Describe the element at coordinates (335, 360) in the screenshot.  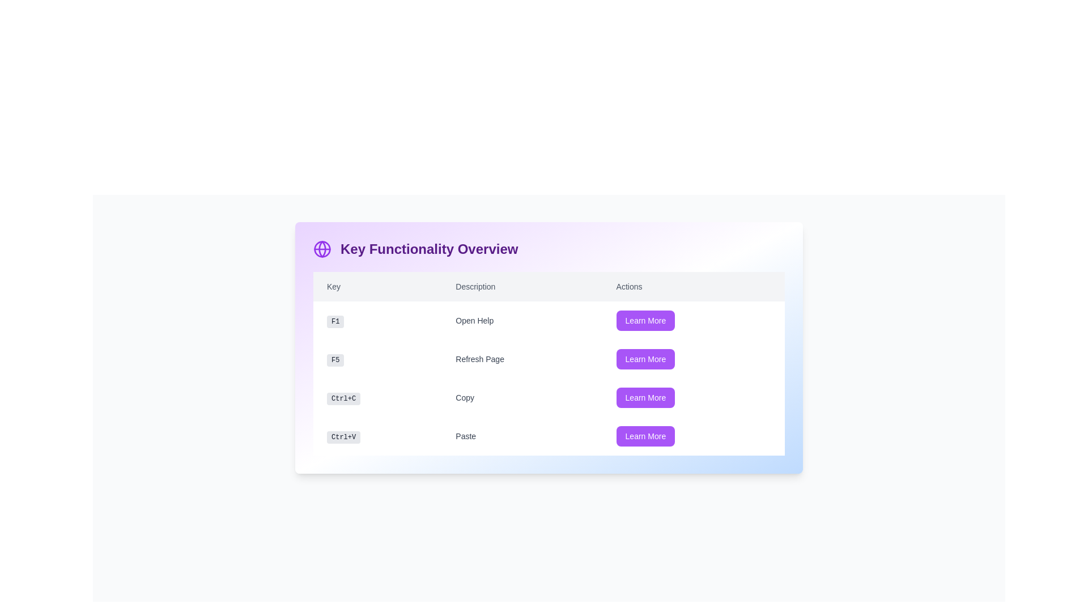
I see `the static label indicating the keyboard shortcut 'F5' in the 'Key Functionality Overview' section, which is positioned in the second row of the Key column` at that location.